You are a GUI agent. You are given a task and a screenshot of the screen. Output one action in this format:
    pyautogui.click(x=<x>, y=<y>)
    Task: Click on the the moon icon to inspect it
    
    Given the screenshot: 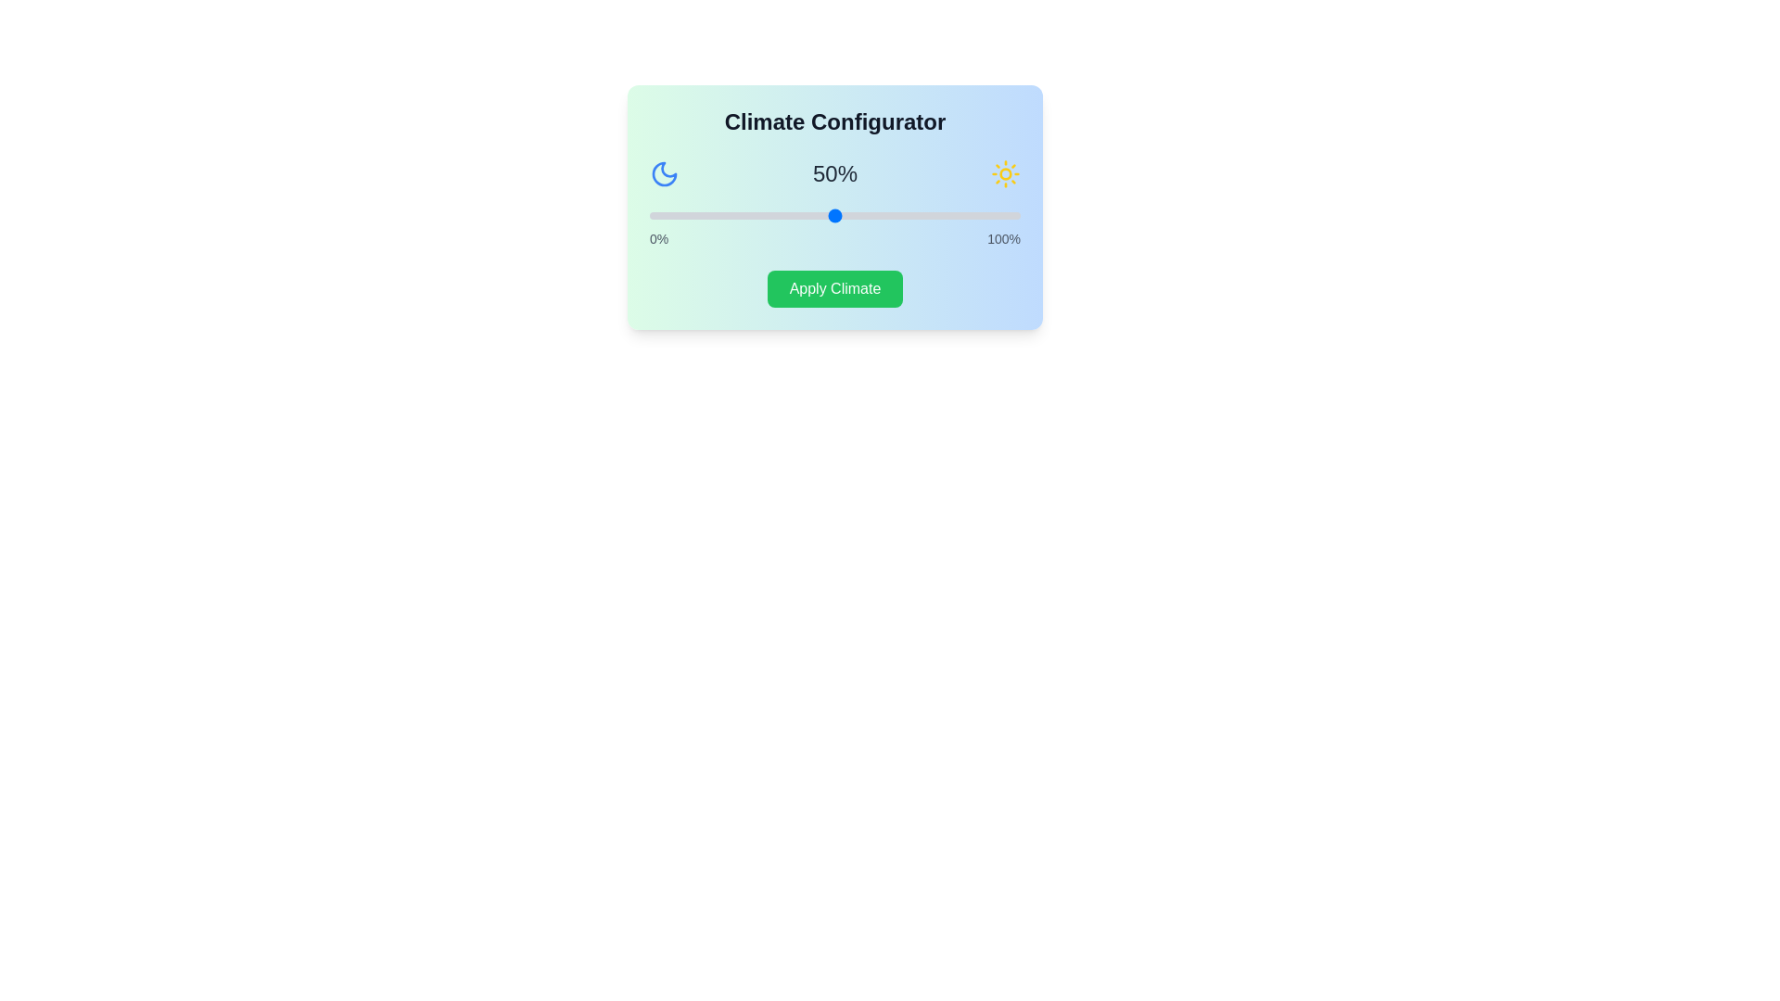 What is the action you would take?
    pyautogui.click(x=664, y=174)
    